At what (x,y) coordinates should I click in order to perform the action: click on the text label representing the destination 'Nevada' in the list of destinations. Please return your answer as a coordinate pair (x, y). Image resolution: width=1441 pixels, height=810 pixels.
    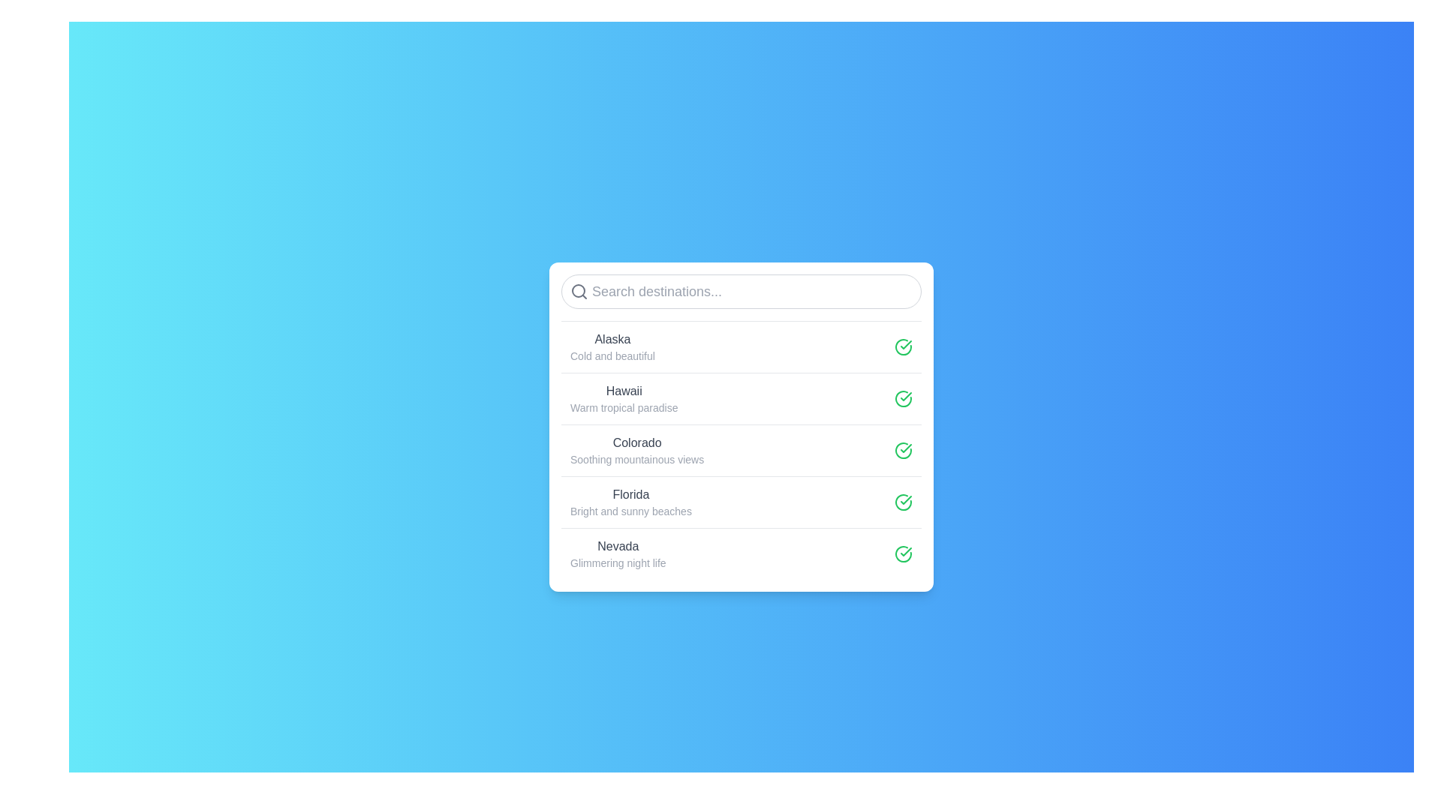
    Looking at the image, I should click on (618, 553).